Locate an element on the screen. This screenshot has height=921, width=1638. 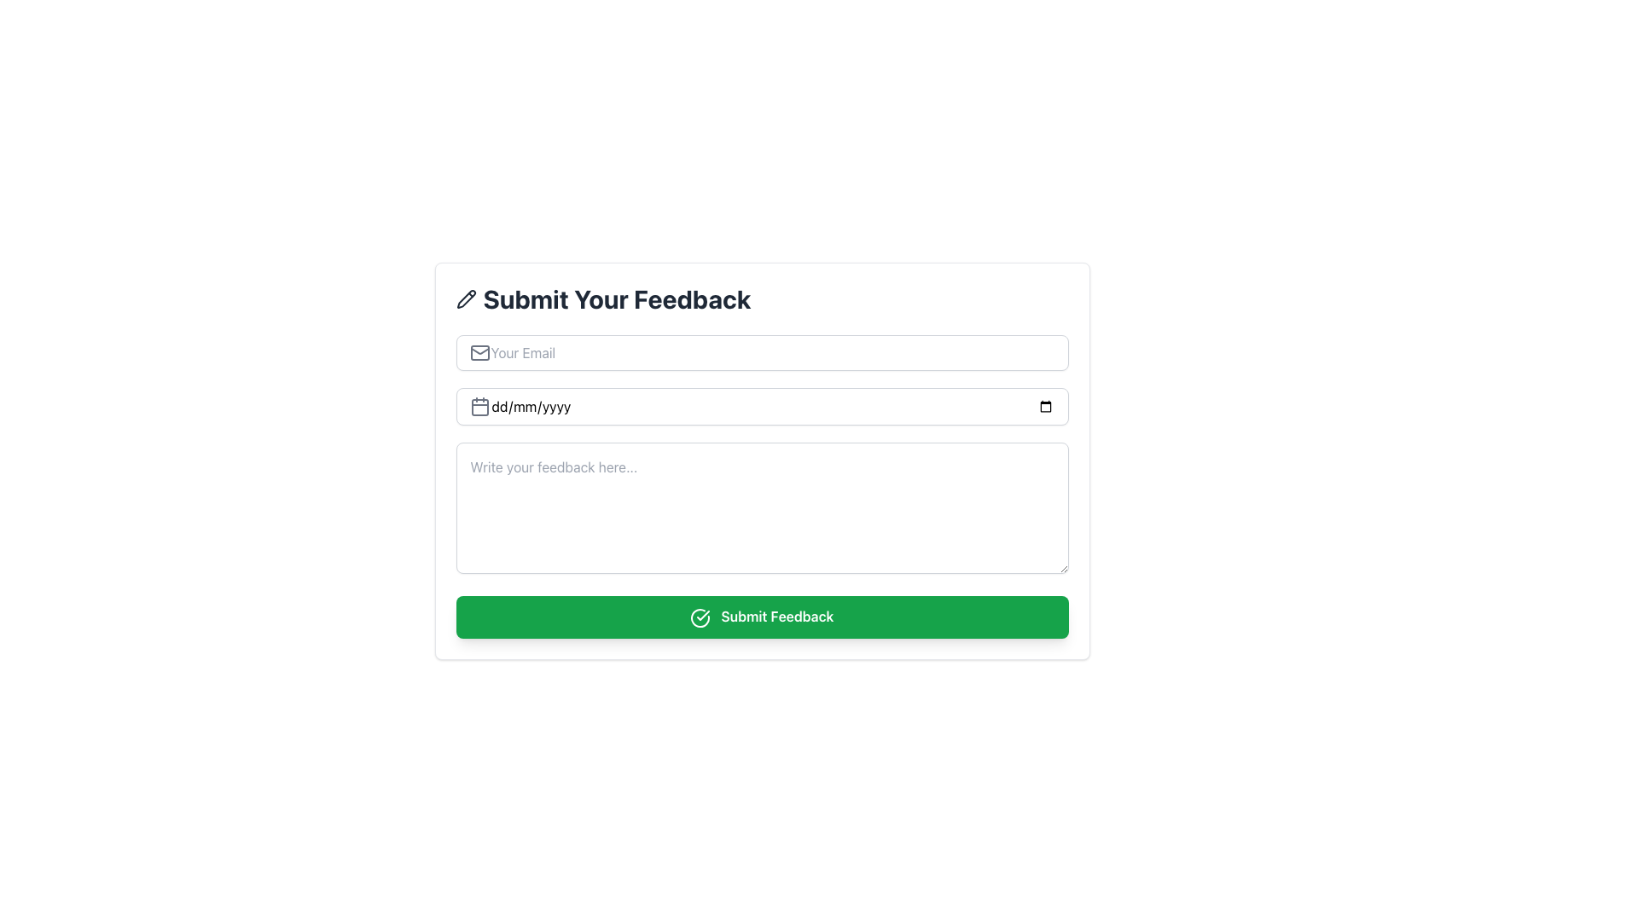
the envelope icon component that visually represents email in the feedback form, located near the top-left corner of the icon is located at coordinates (479, 351).